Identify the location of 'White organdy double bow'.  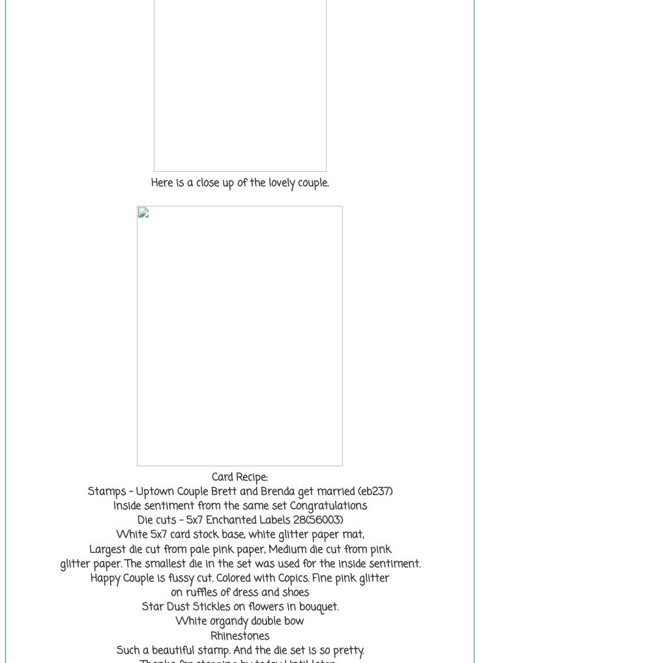
(239, 621).